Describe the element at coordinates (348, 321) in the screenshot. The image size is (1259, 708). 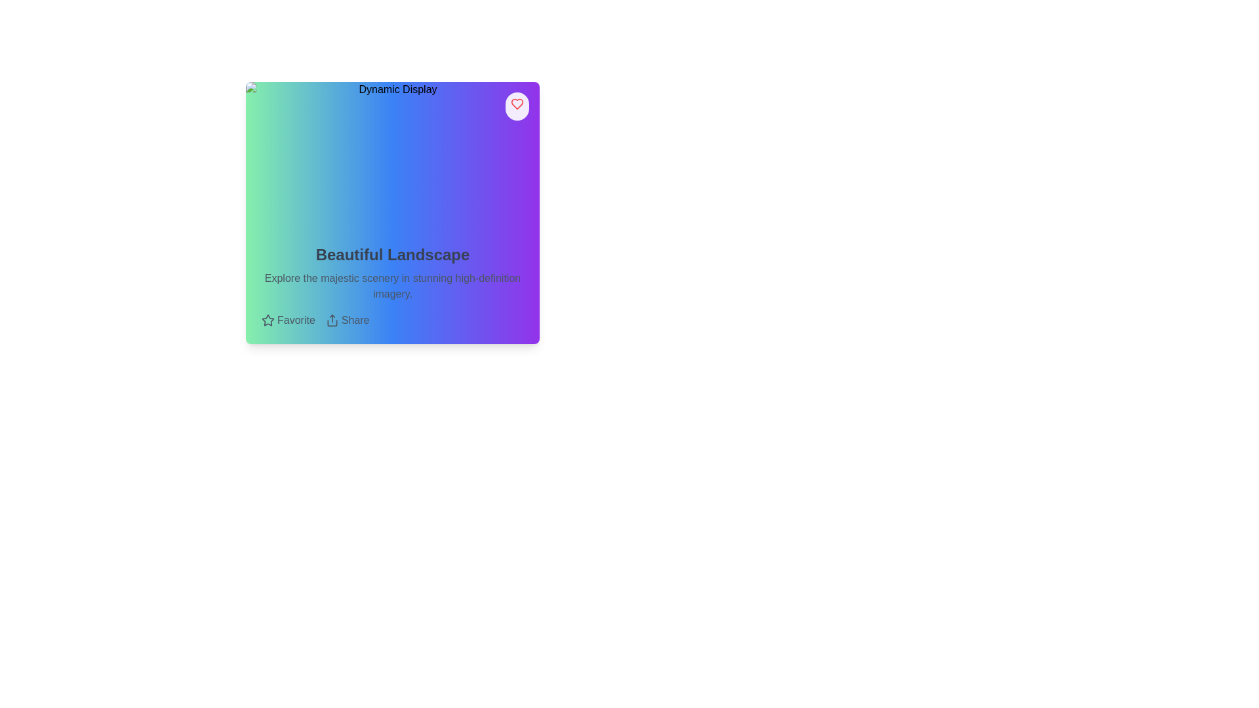
I see `the 'Share' button` at that location.